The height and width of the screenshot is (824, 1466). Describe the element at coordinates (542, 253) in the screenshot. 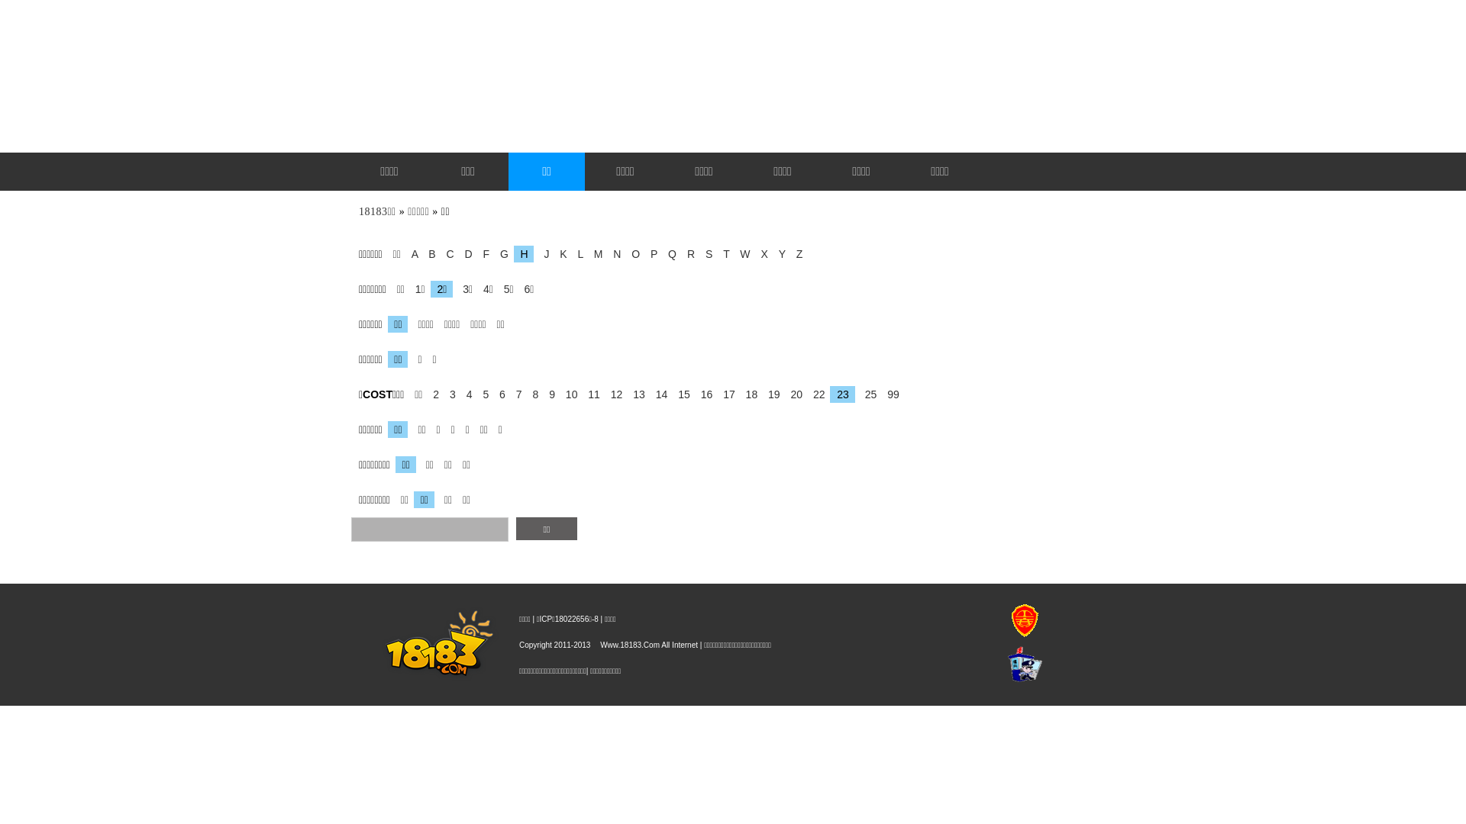

I see `'J'` at that location.